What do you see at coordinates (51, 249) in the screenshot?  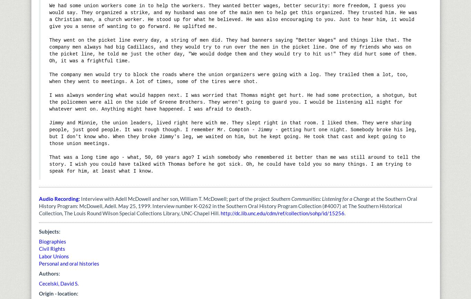 I see `'Civil Rights'` at bounding box center [51, 249].